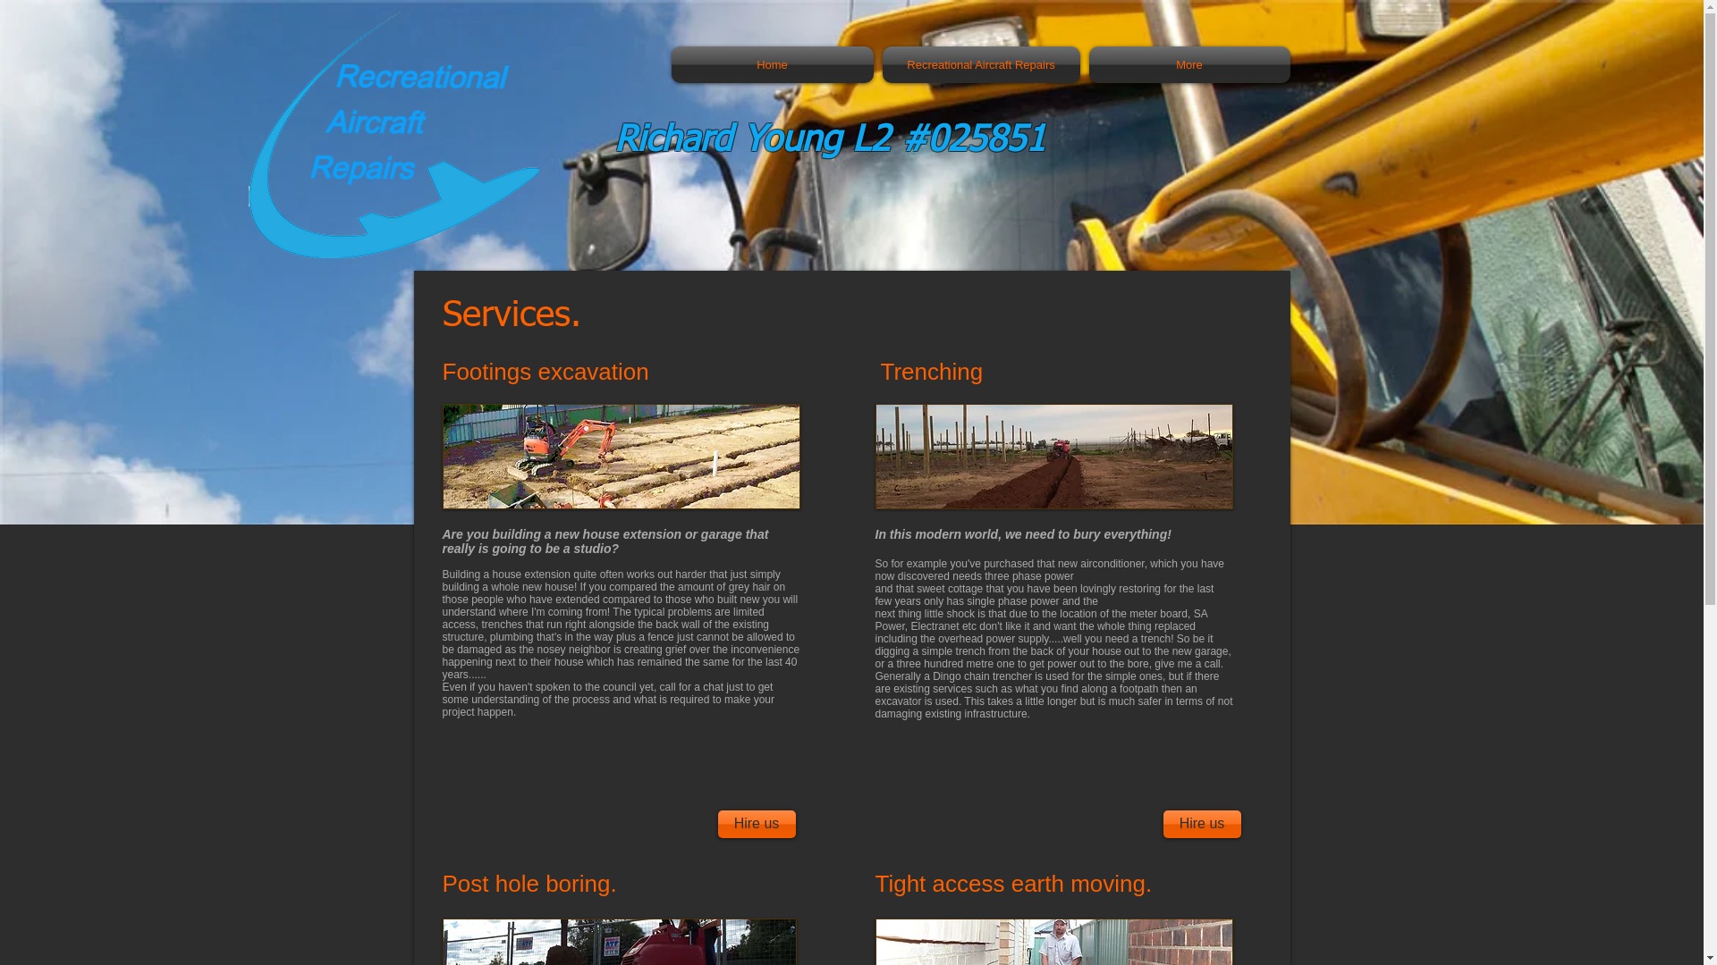  Describe the element at coordinates (621, 455) in the screenshot. I see `'Dig footings for new houses at Ingle Farm'` at that location.